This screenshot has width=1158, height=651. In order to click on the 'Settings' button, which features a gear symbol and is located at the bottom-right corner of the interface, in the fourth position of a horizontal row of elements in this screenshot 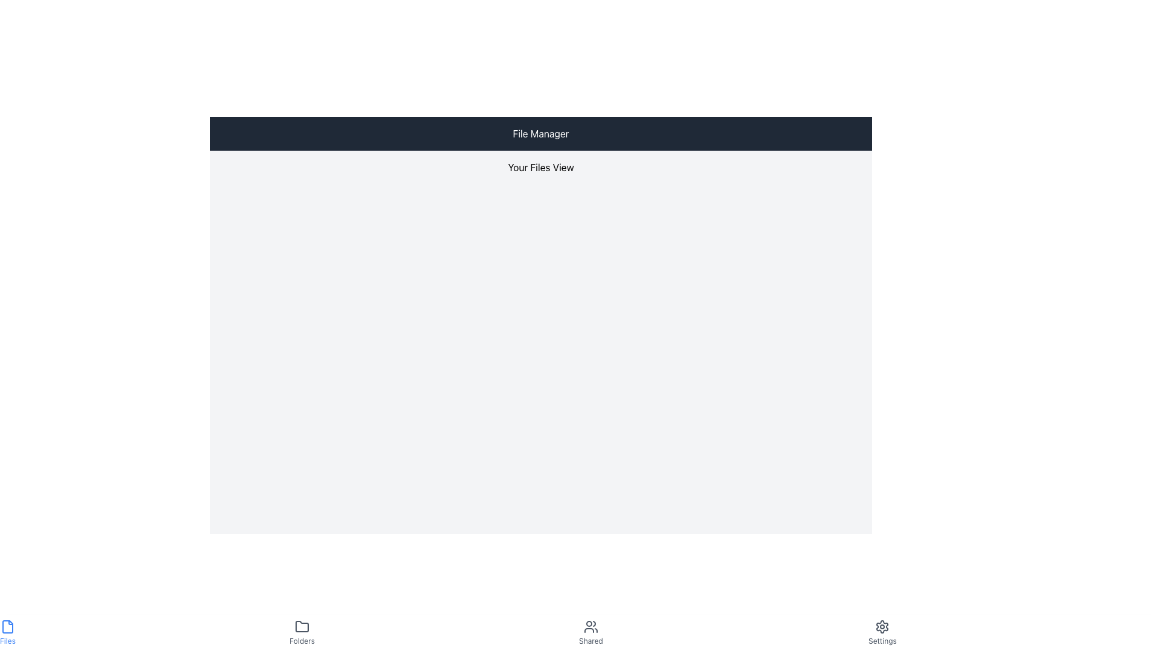, I will do `click(882, 632)`.